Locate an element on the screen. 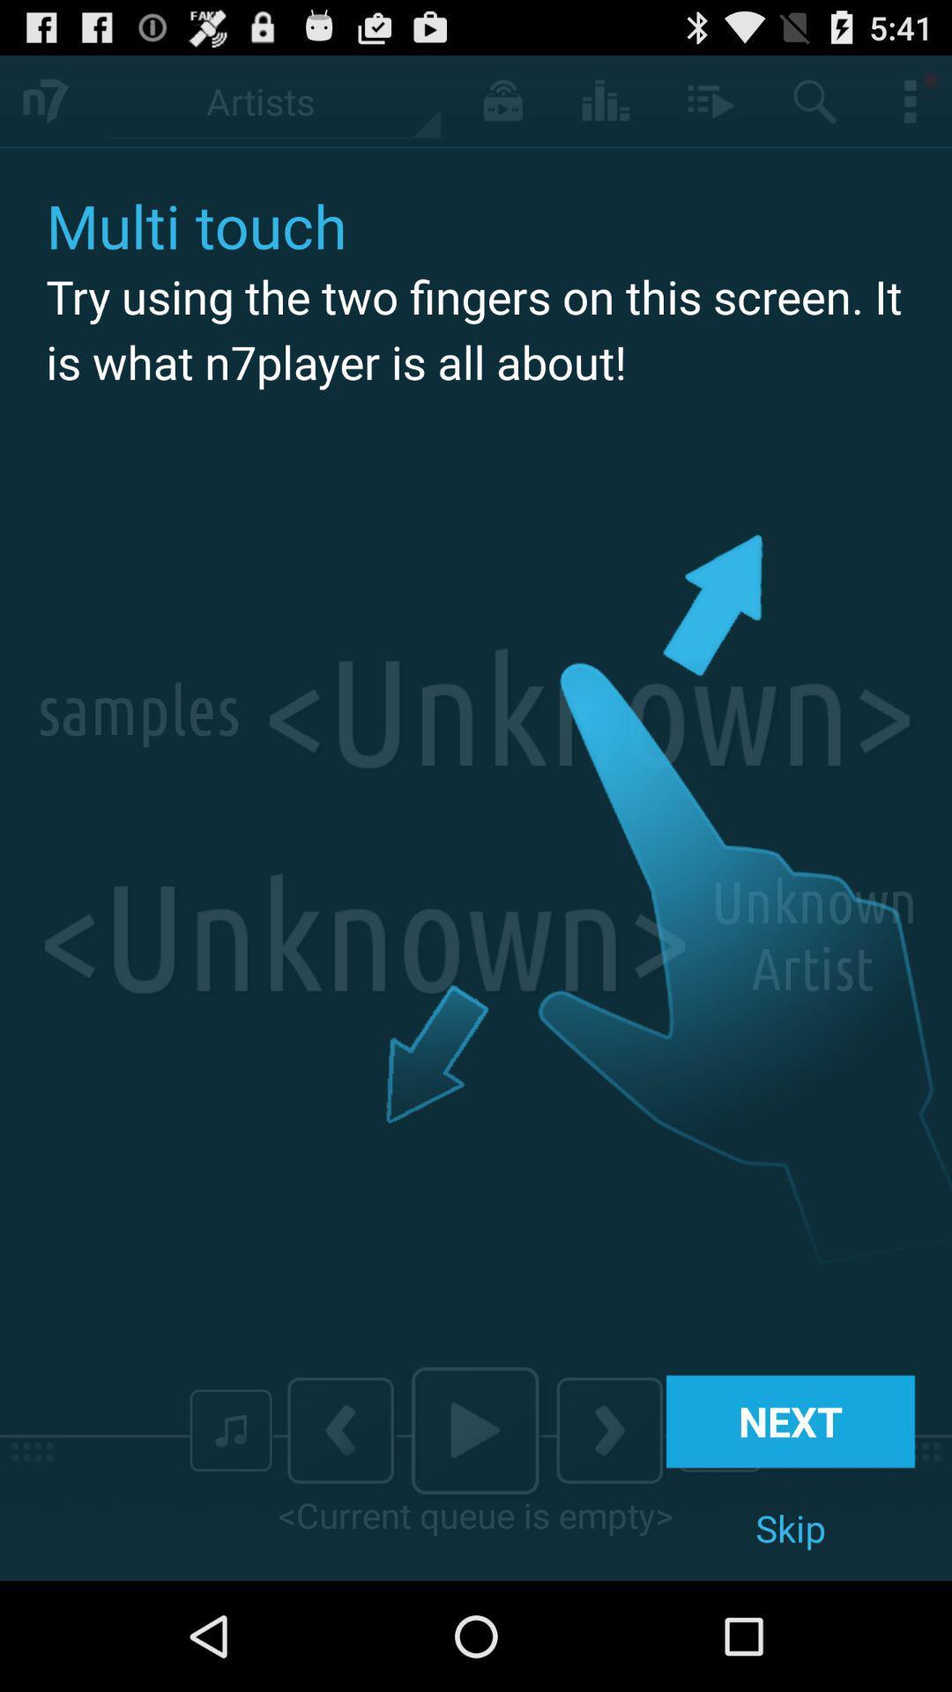 The width and height of the screenshot is (952, 1692). the arrow_forward icon is located at coordinates (608, 1530).